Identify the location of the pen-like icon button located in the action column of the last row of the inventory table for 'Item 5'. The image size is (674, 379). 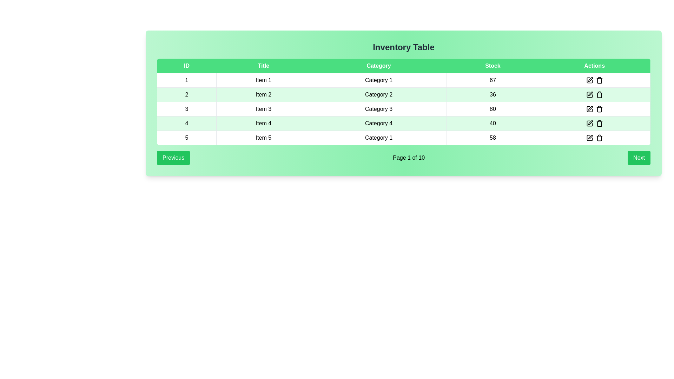
(590, 137).